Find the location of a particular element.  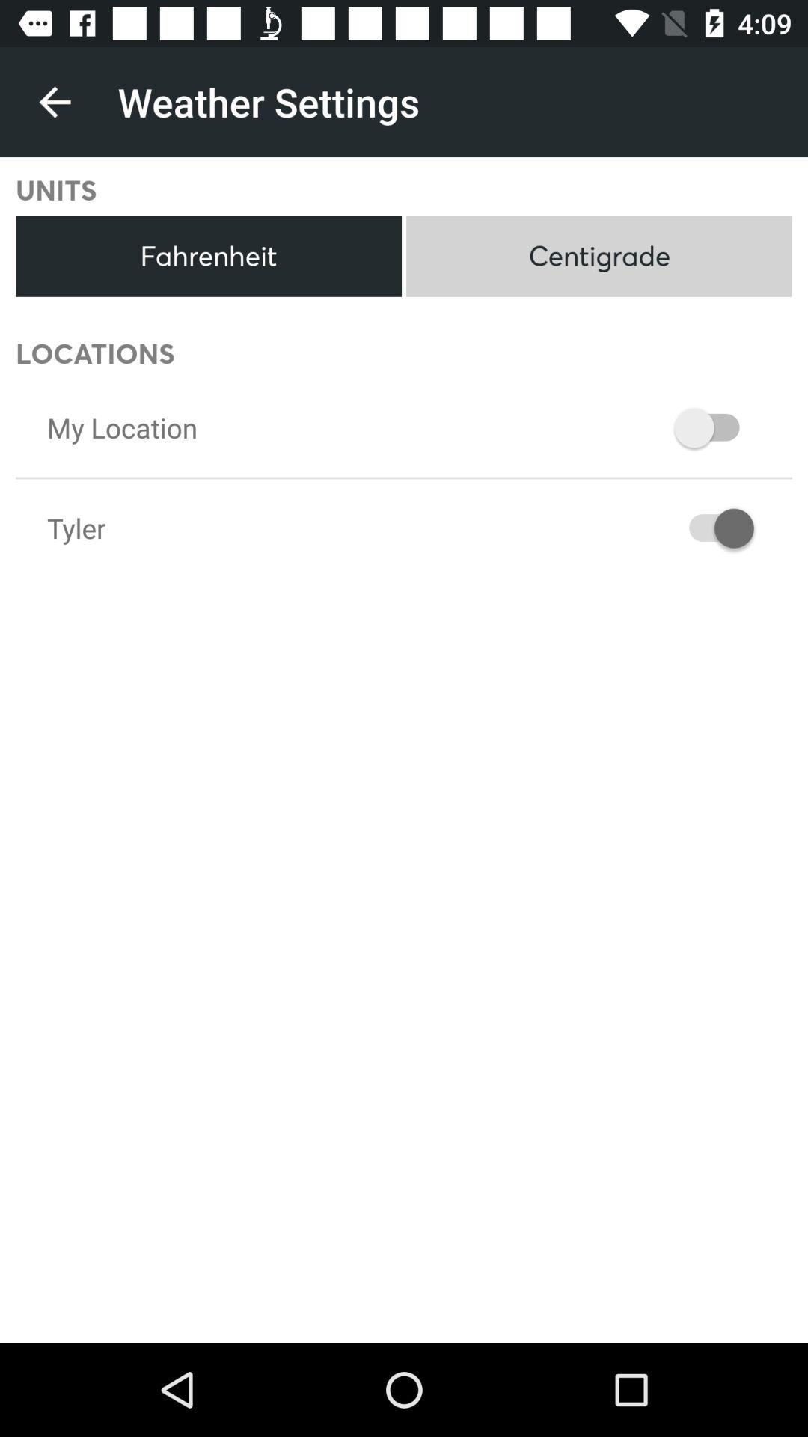

item above locations item is located at coordinates (208, 256).